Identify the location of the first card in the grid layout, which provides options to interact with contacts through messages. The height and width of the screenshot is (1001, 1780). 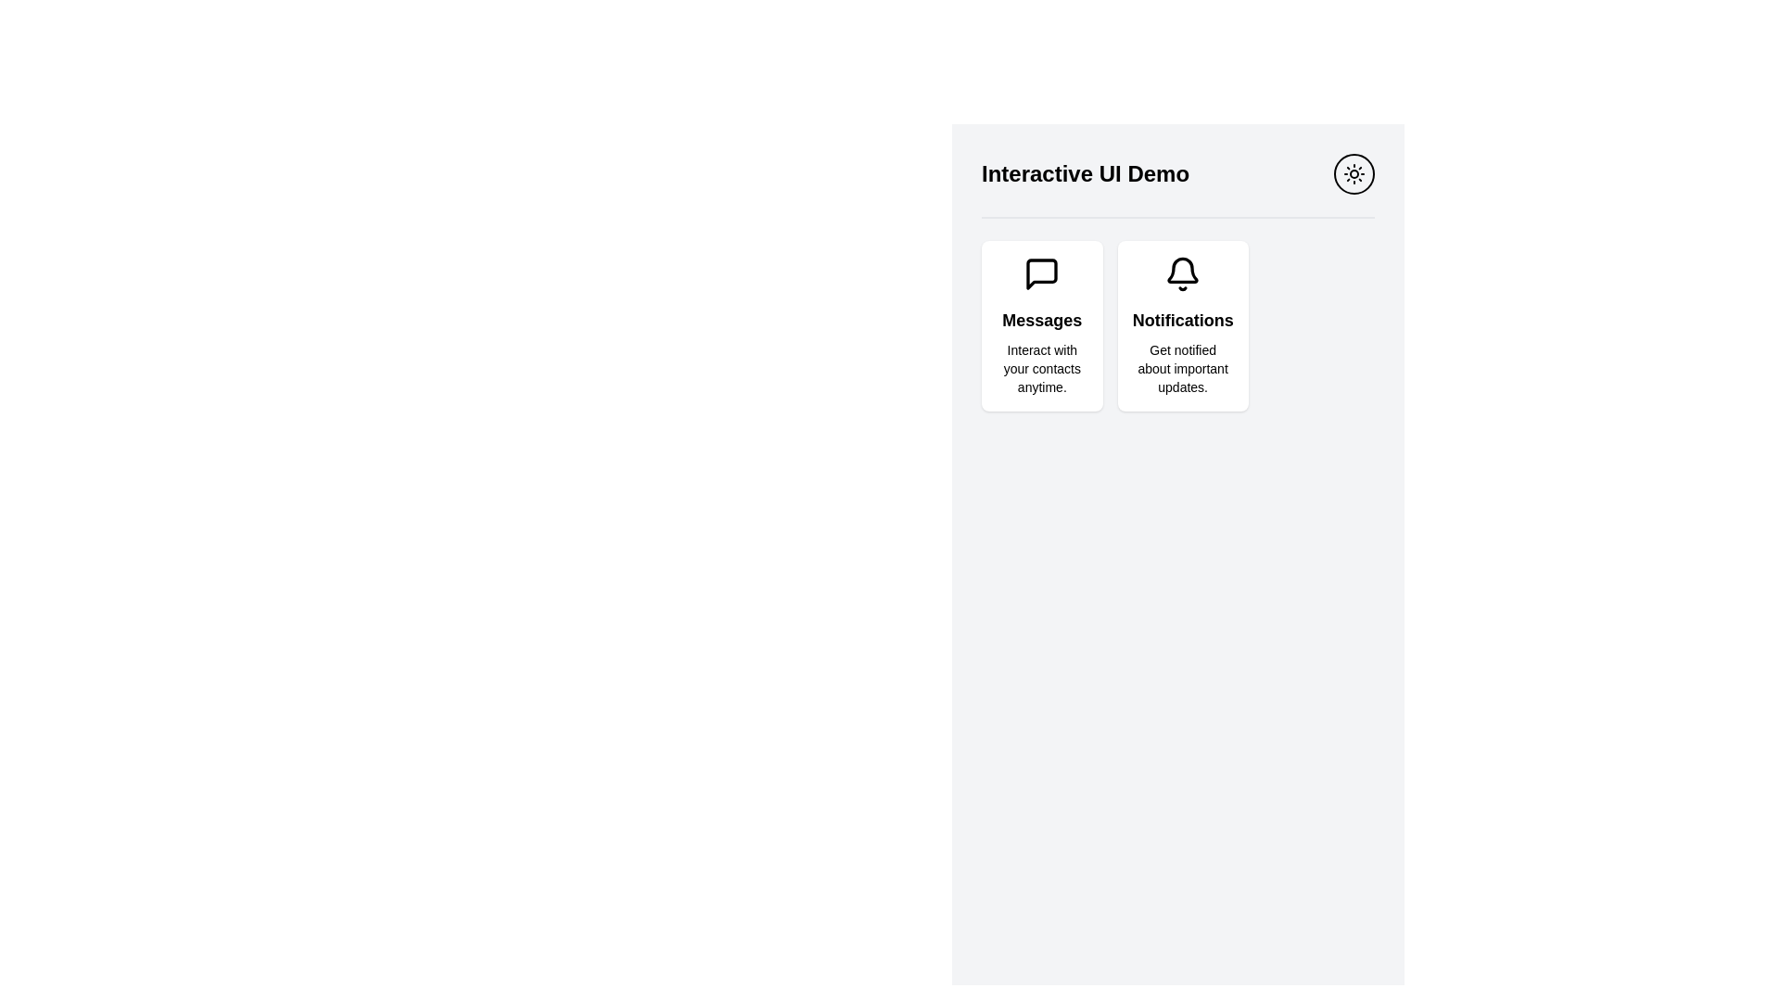
(1041, 324).